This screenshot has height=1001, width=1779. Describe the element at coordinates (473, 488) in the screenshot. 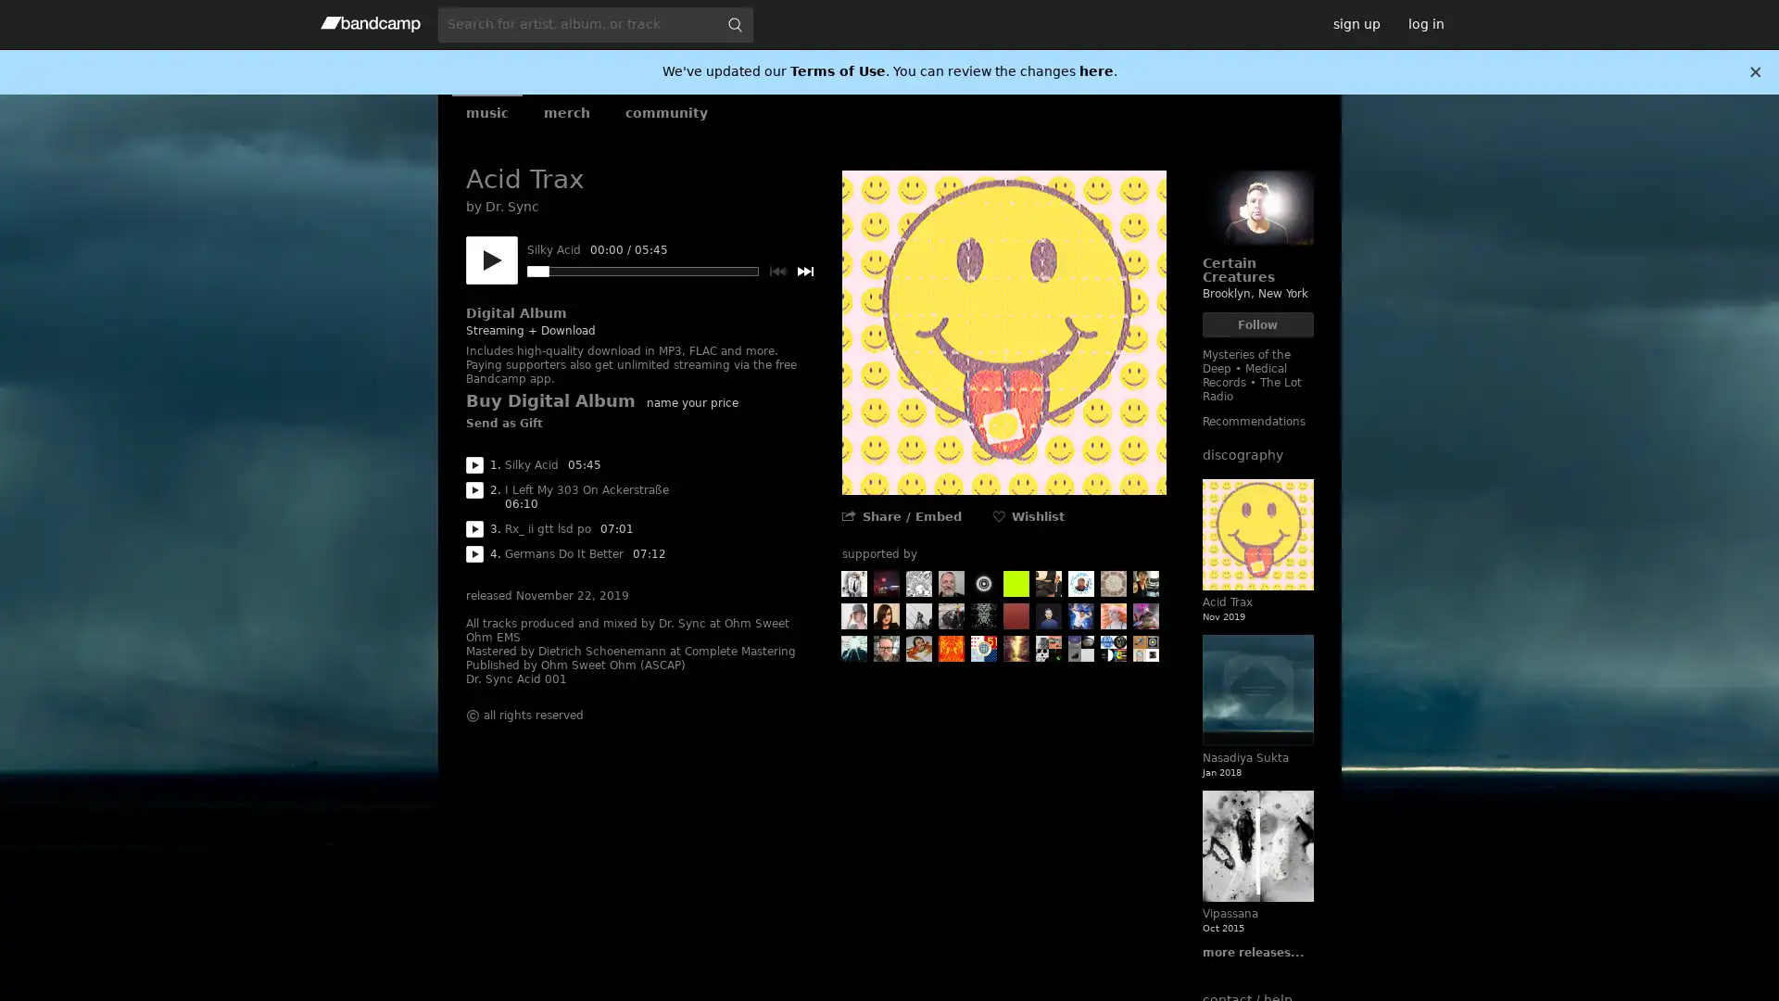

I see `Play I Left My 303 On Ackerstrae` at that location.